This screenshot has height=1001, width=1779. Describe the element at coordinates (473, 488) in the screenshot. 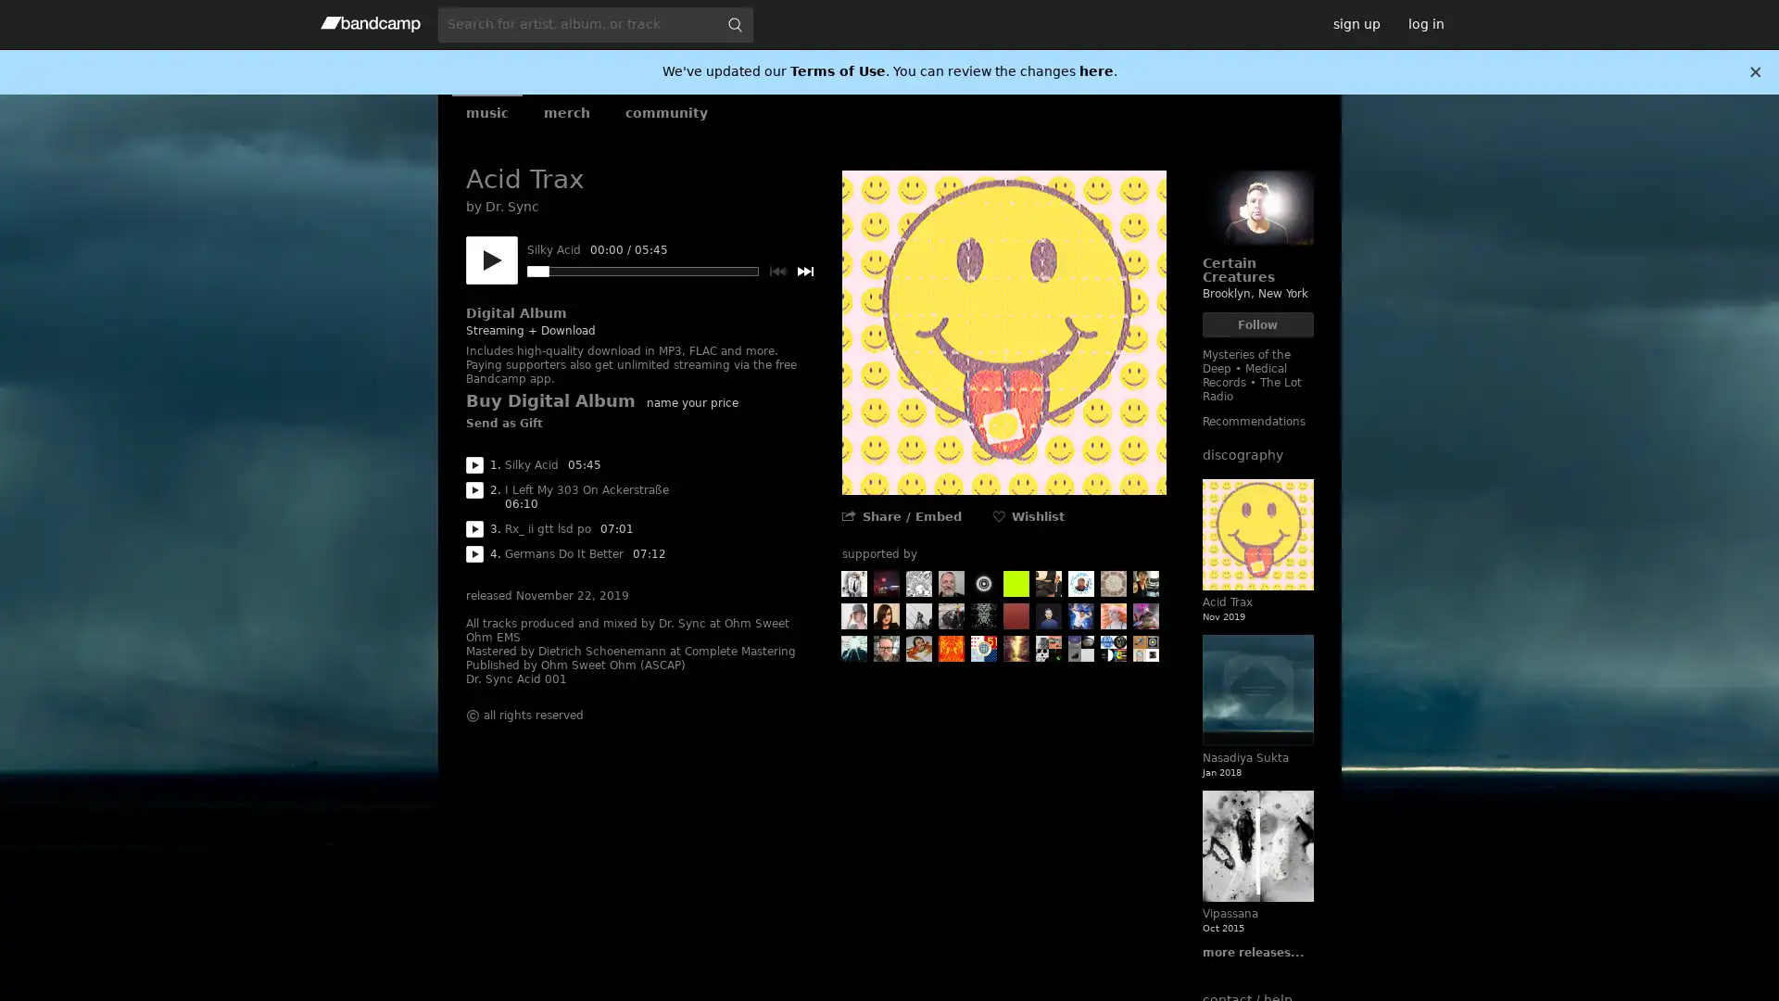

I see `Play I Left My 303 On Ackerstrae` at that location.